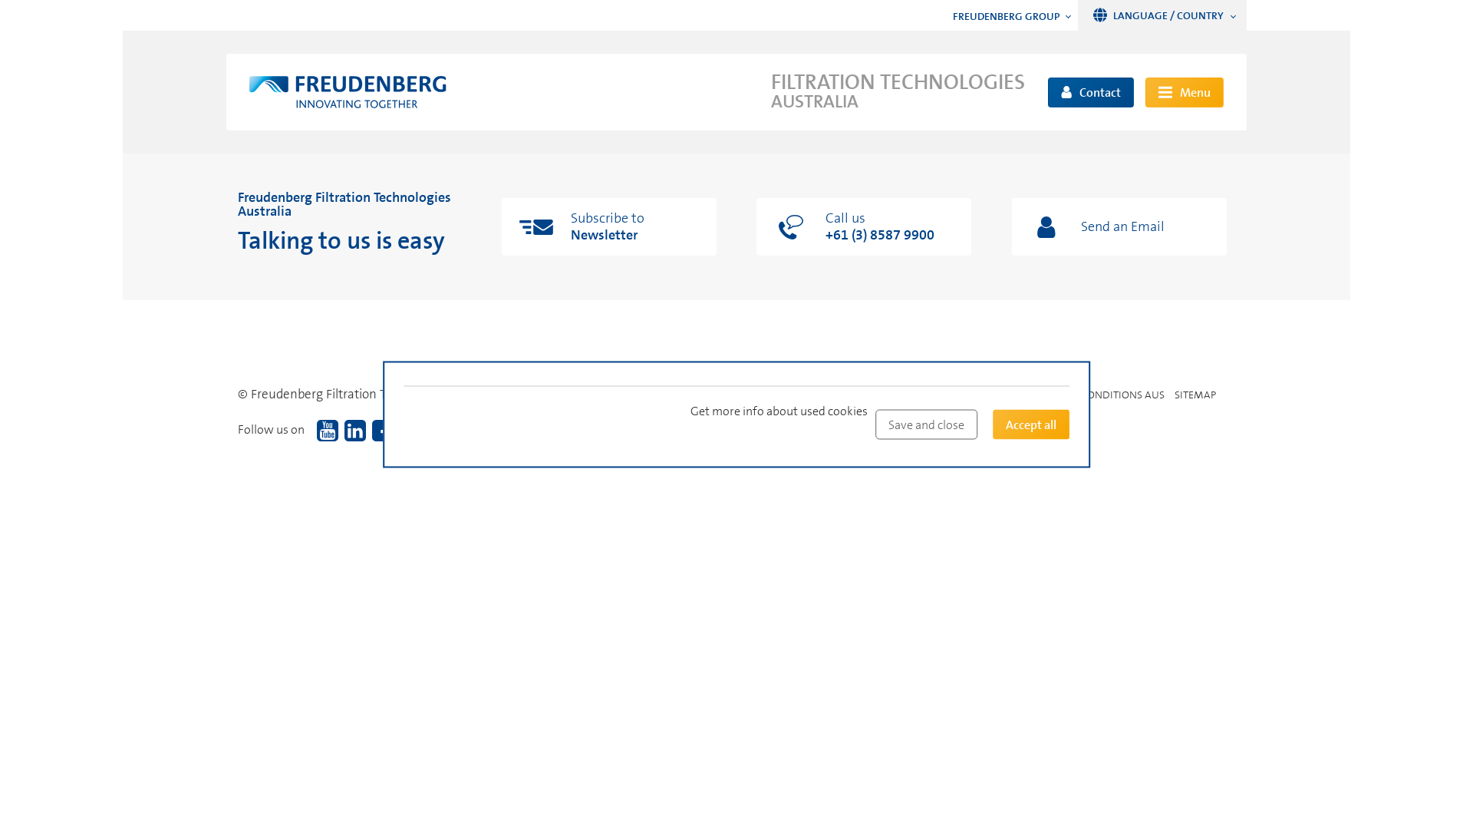  What do you see at coordinates (1089, 15) in the screenshot?
I see `'LANGUAGE / COUNTRY'` at bounding box center [1089, 15].